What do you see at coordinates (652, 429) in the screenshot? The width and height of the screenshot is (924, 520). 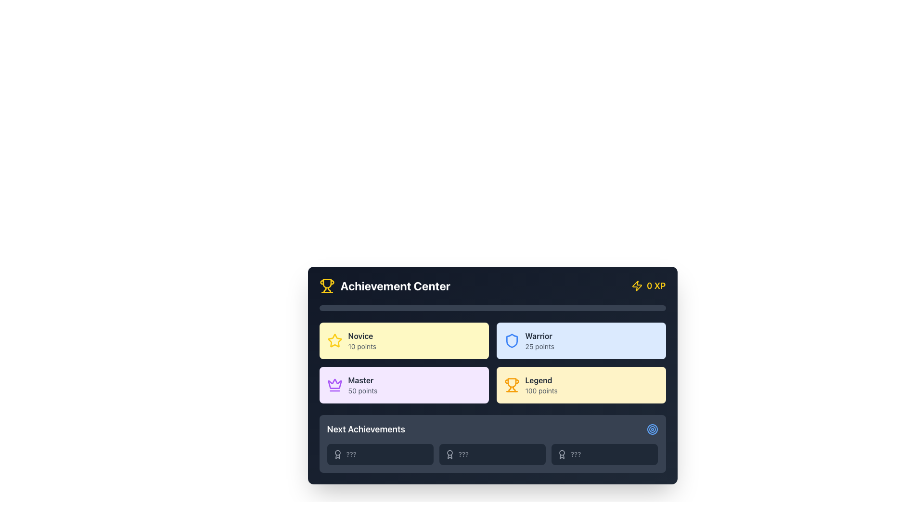 I see `the blue circular SVG graphic resembling a target icon with concentric rings located in the lower-right corner of the 'Next Achievements' card` at bounding box center [652, 429].